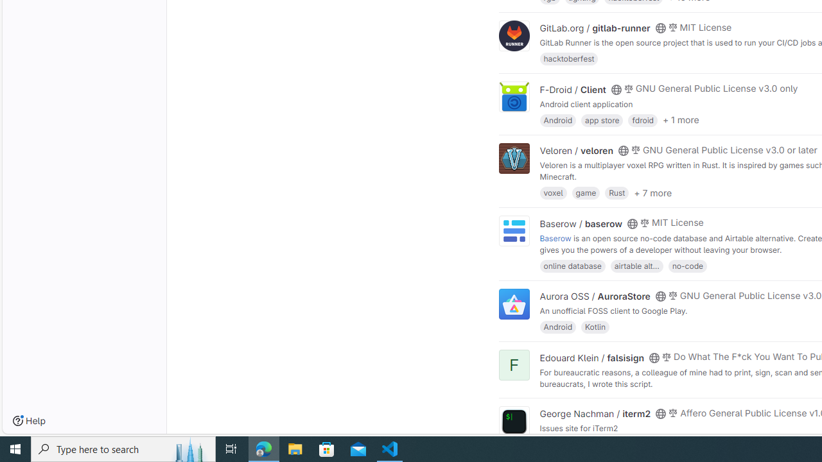 This screenshot has height=462, width=822. What do you see at coordinates (514, 365) in the screenshot?
I see `'F'` at bounding box center [514, 365].